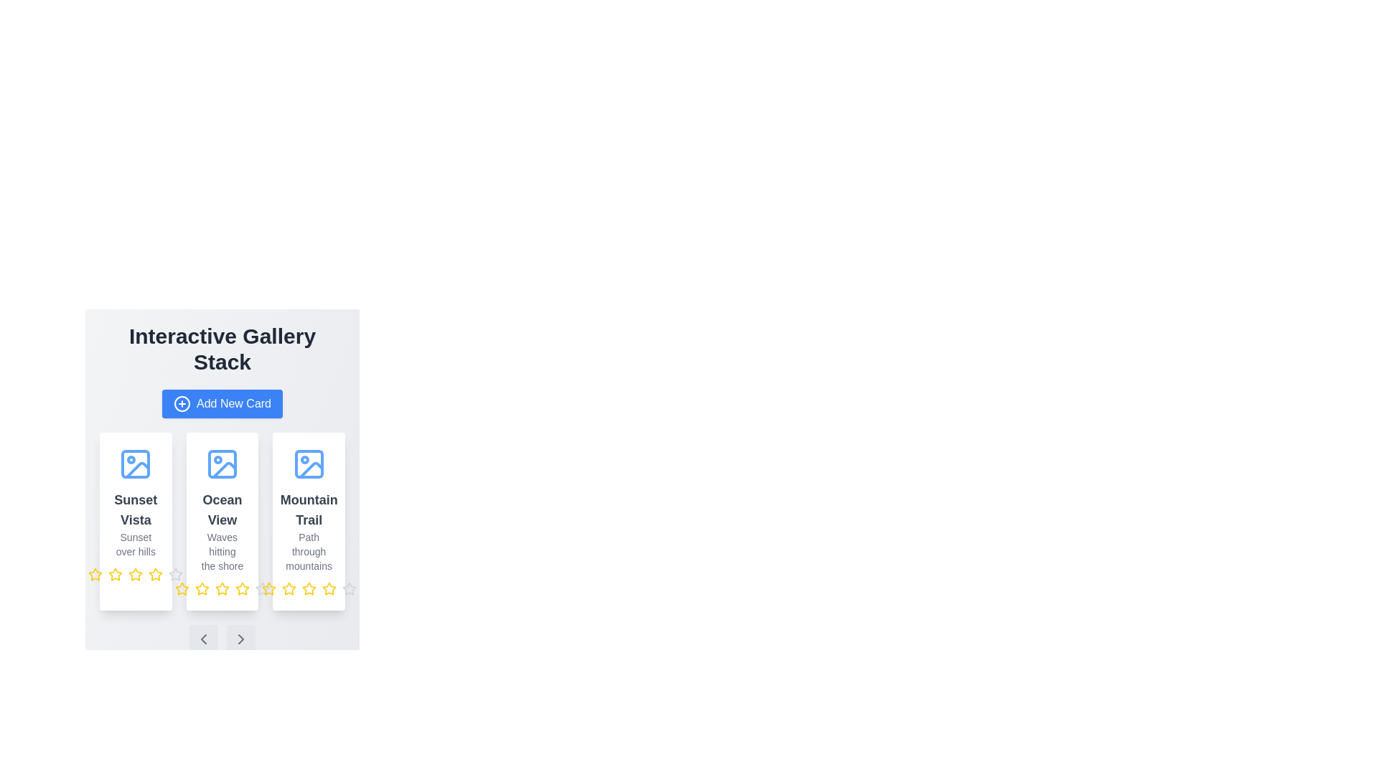 The width and height of the screenshot is (1378, 775). I want to click on the Rating Display element that visually represents the rating of the featured item titled 'Ocean View', located centrally beneath its descriptive text, so click(222, 589).